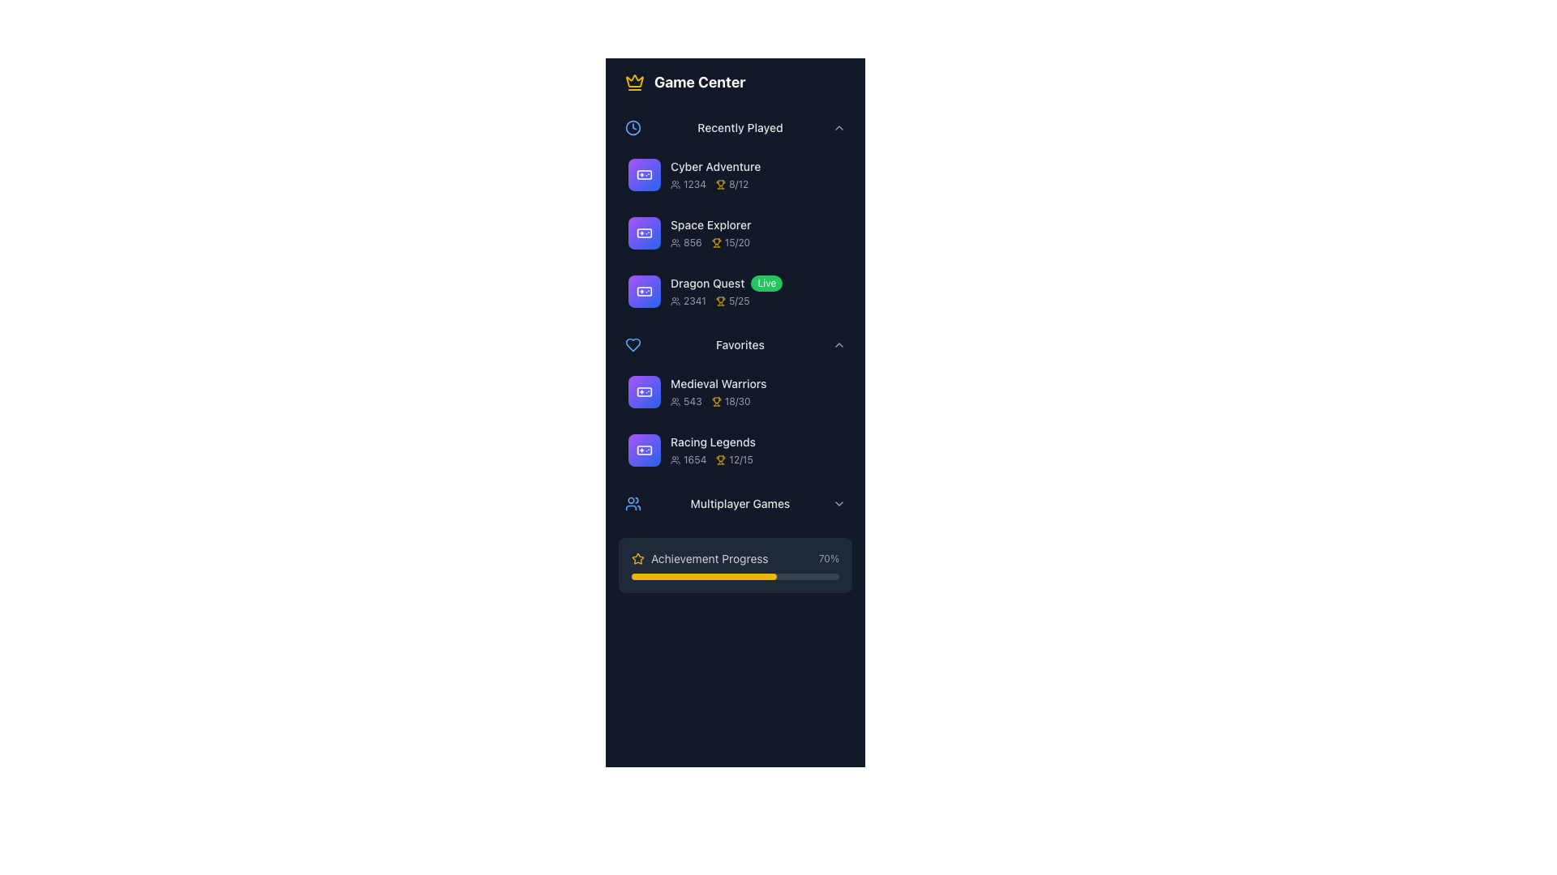 This screenshot has height=875, width=1557. What do you see at coordinates (735, 391) in the screenshot?
I see `the list item displaying 'Medieval Warriors' in the 'Favorites' section` at bounding box center [735, 391].